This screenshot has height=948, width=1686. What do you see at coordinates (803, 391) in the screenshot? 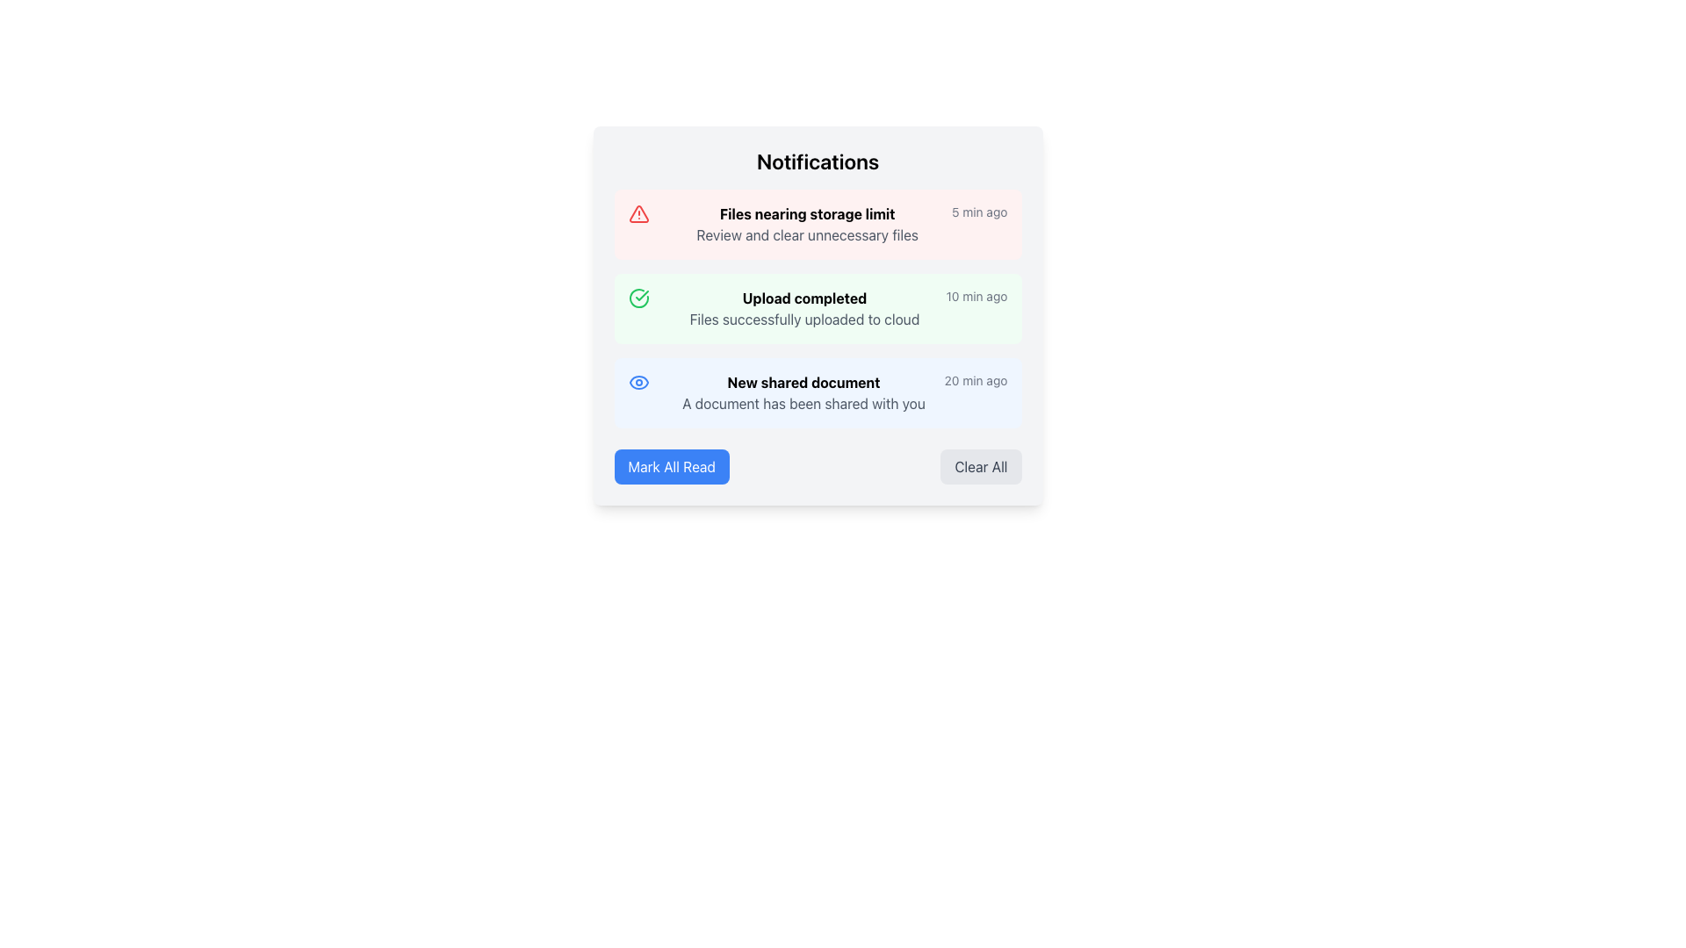
I see `the notification message displayed in the central area of the third notification section, which has a light blue background and occupies a significant horizontal width` at bounding box center [803, 391].